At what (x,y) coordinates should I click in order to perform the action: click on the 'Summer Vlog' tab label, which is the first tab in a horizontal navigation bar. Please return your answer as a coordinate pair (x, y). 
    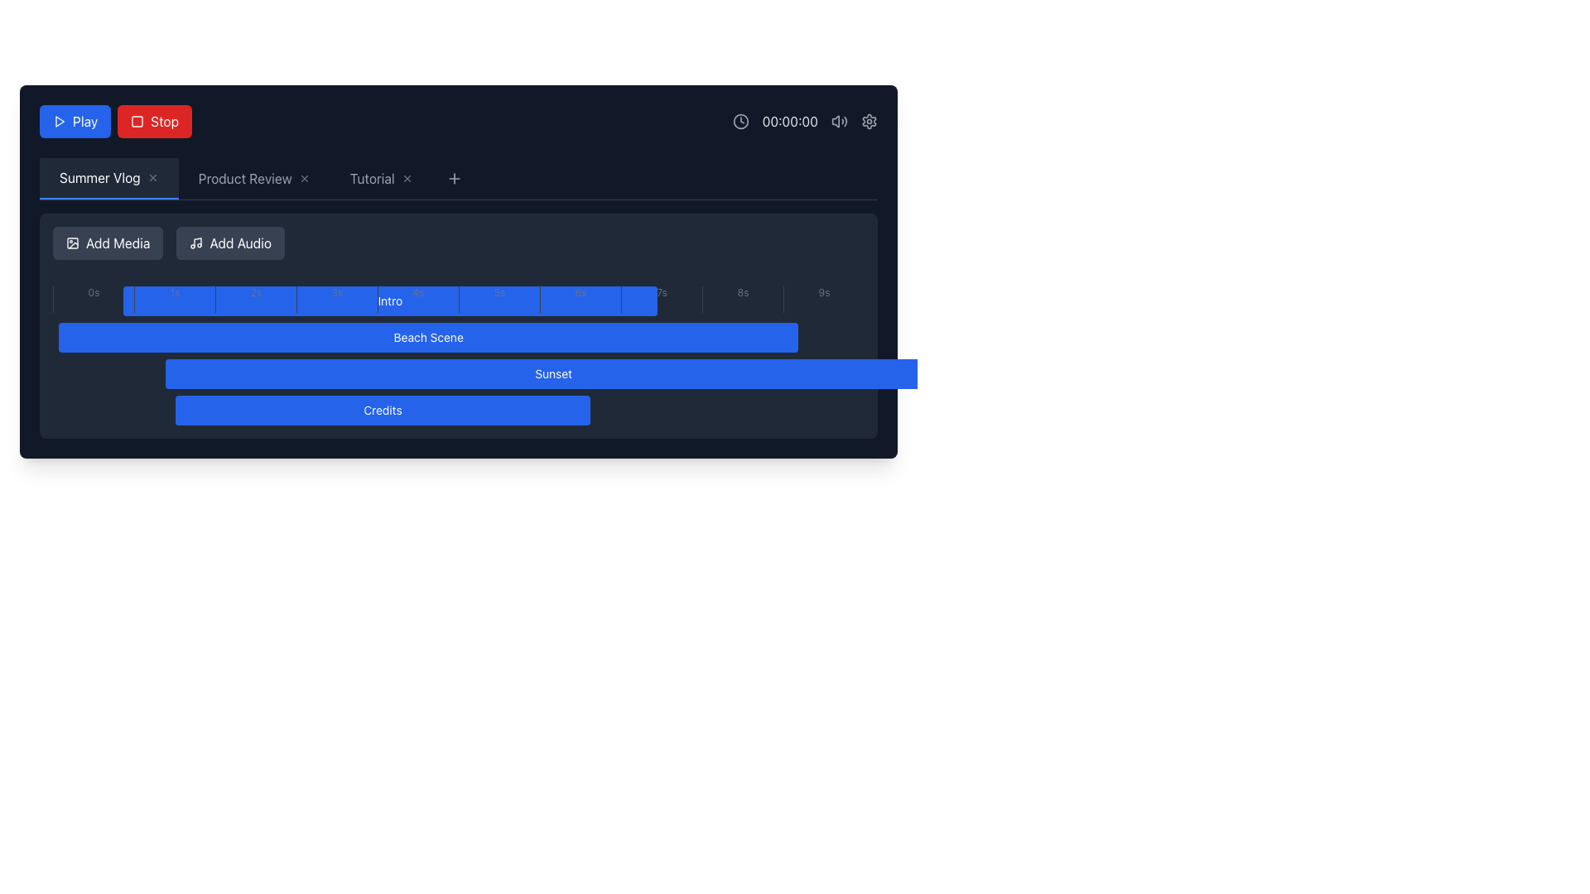
    Looking at the image, I should click on (99, 178).